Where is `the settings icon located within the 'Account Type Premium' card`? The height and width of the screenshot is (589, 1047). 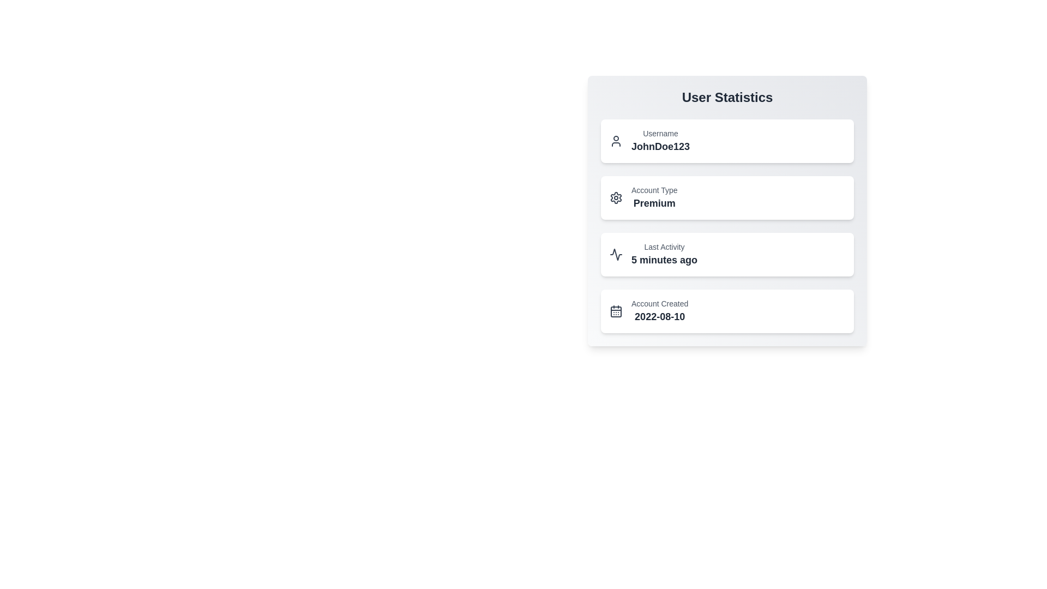 the settings icon located within the 'Account Type Premium' card is located at coordinates (616, 197).